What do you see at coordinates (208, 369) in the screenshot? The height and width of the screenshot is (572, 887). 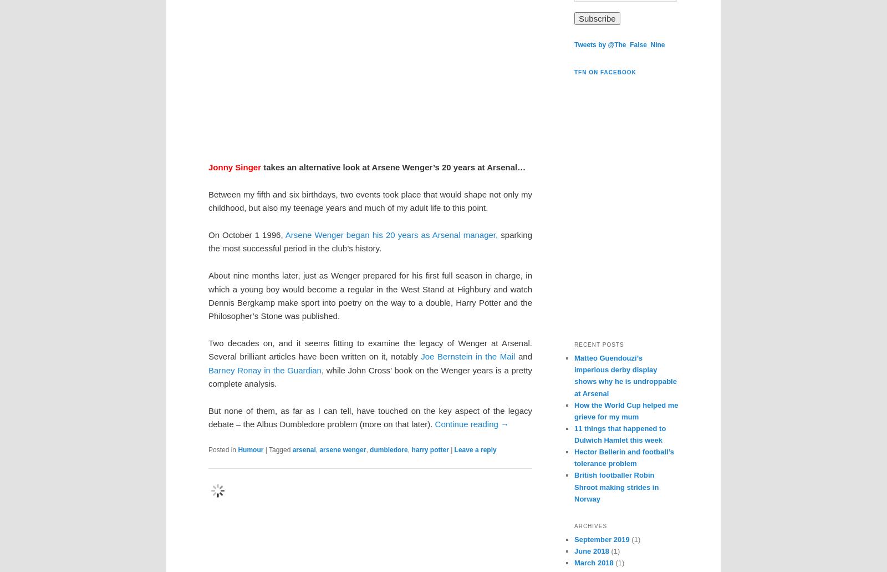 I see `'Barney Ronay in the Guardian'` at bounding box center [208, 369].